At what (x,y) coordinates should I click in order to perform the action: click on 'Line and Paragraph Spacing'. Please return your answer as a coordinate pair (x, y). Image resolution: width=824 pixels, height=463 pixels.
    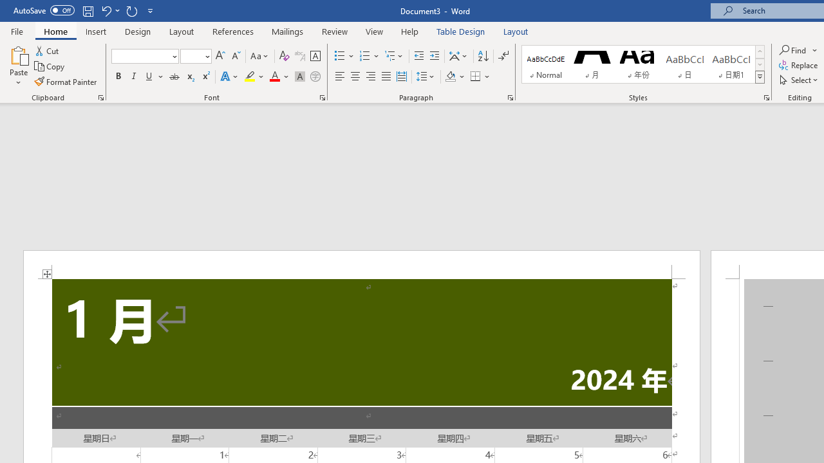
    Looking at the image, I should click on (426, 77).